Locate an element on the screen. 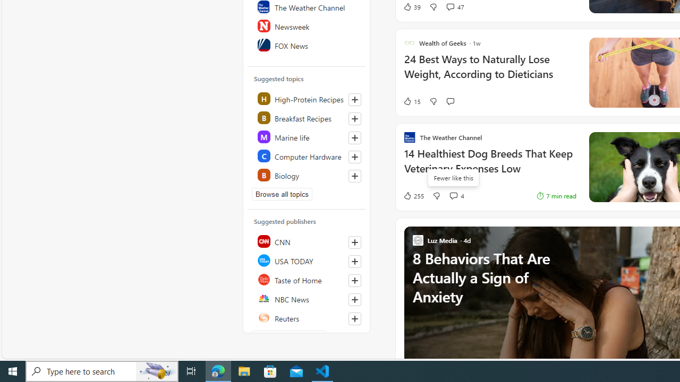 The image size is (680, 382). 'Follow this topic' is located at coordinates (354, 175).